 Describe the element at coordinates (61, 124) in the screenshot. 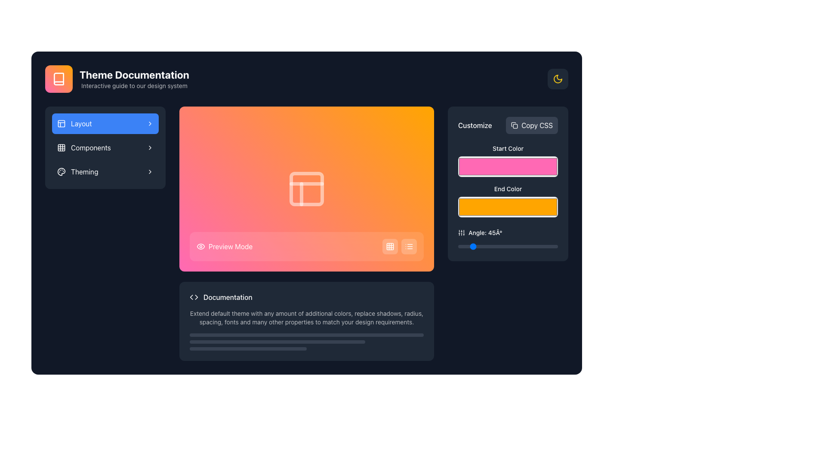

I see `the layout icon located in the left sidebar next to the 'Layout' label, which is styled with an outlined grid representation` at that location.